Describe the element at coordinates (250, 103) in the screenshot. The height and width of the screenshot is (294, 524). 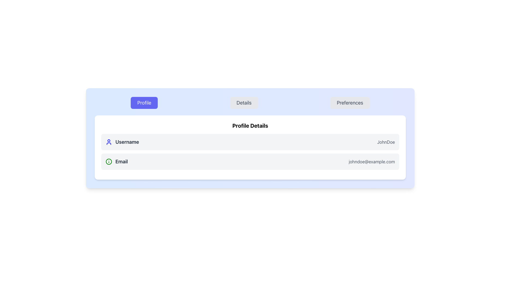
I see `the 'Details' tab in the navigation bar` at that location.